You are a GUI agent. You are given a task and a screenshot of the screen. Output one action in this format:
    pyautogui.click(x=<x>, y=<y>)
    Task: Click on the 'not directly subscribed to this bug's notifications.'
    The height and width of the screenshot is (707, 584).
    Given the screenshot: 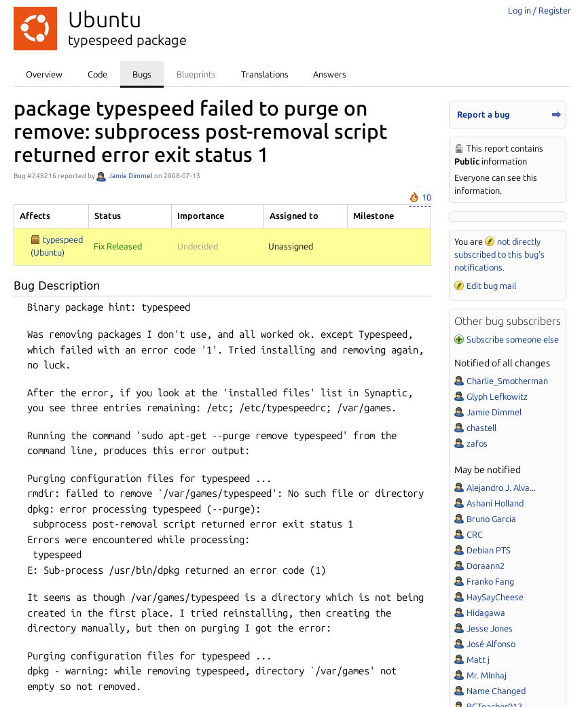 What is the action you would take?
    pyautogui.click(x=498, y=253)
    